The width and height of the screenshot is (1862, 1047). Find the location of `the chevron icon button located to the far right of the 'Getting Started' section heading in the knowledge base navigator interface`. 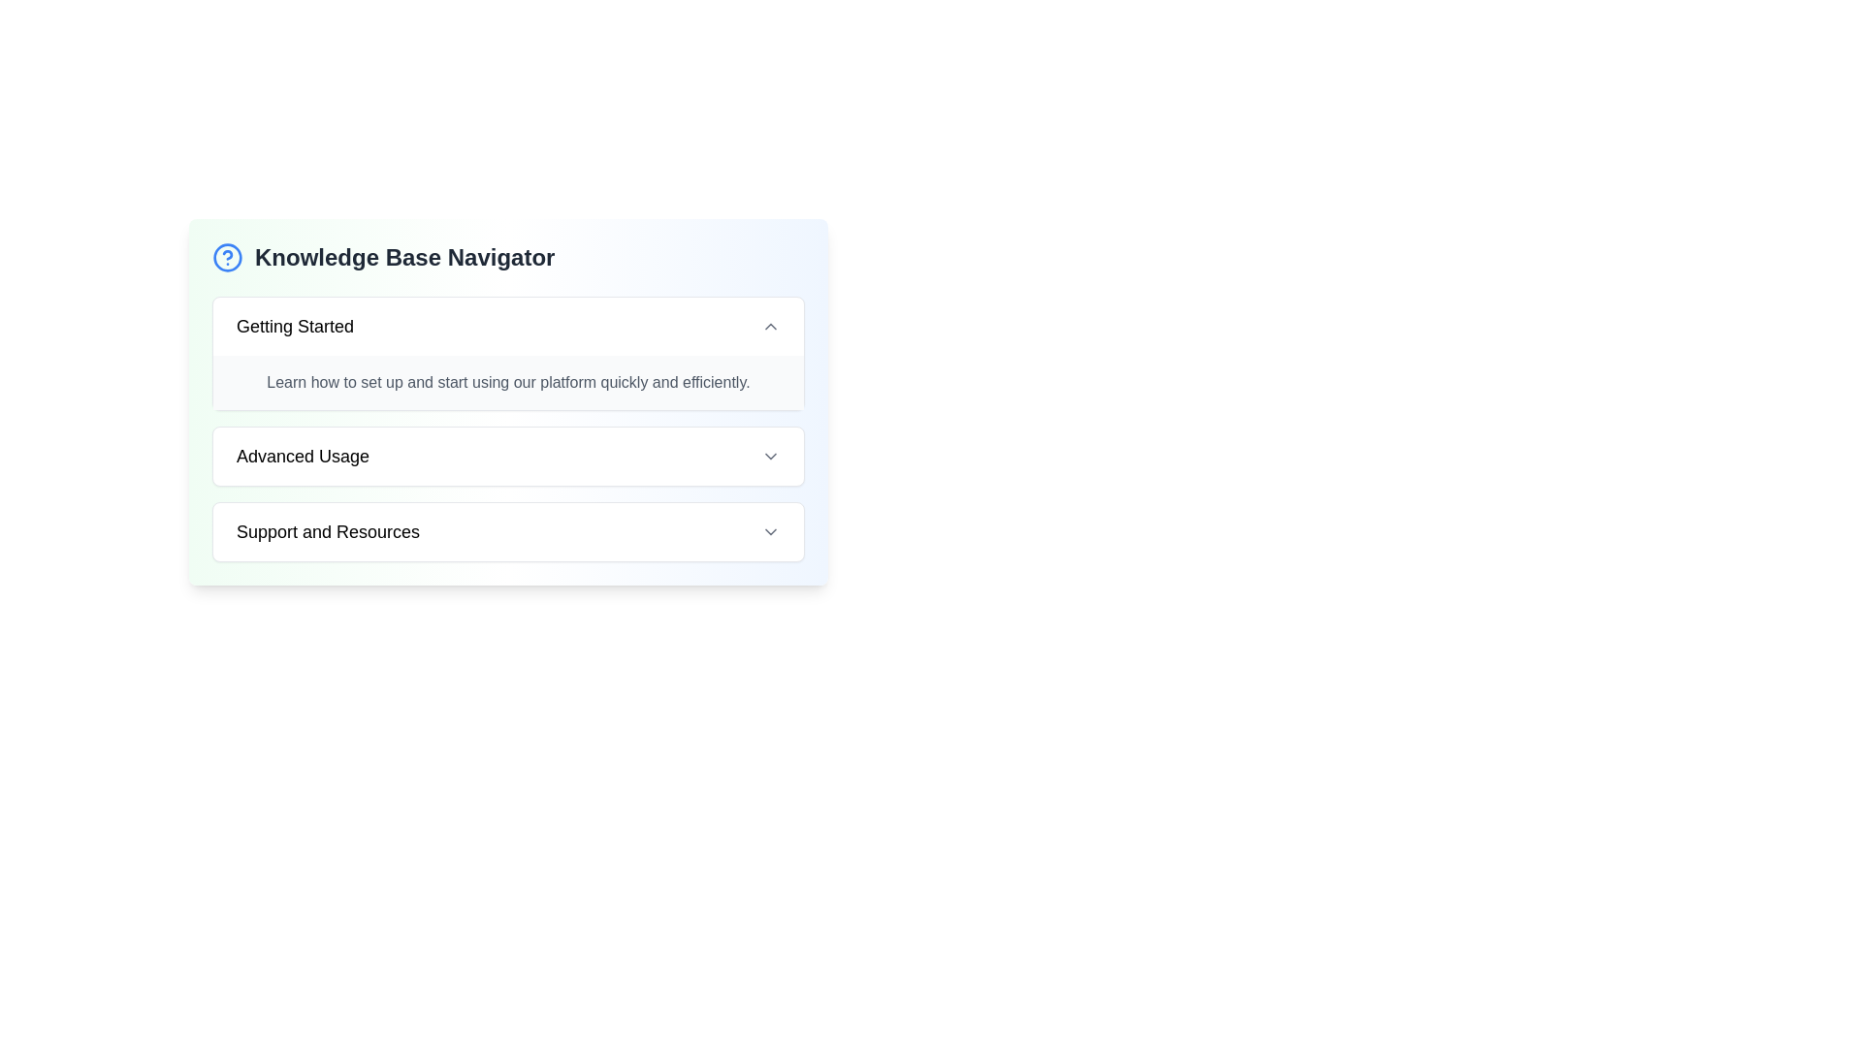

the chevron icon button located to the far right of the 'Getting Started' section heading in the knowledge base navigator interface is located at coordinates (770, 325).